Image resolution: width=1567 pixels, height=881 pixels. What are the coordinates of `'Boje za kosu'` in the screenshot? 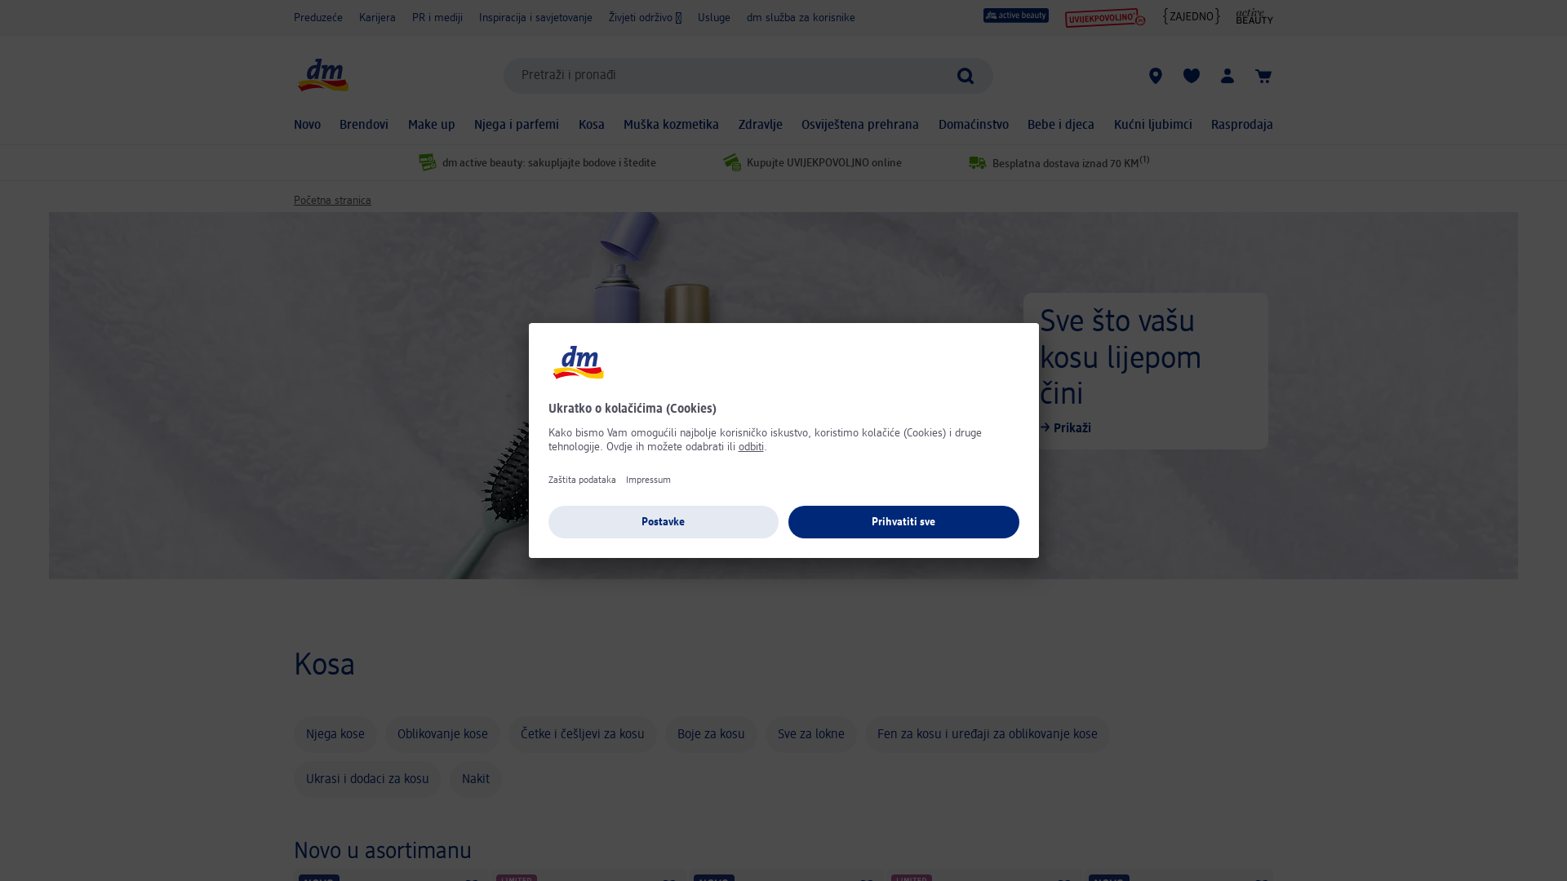 It's located at (705, 734).